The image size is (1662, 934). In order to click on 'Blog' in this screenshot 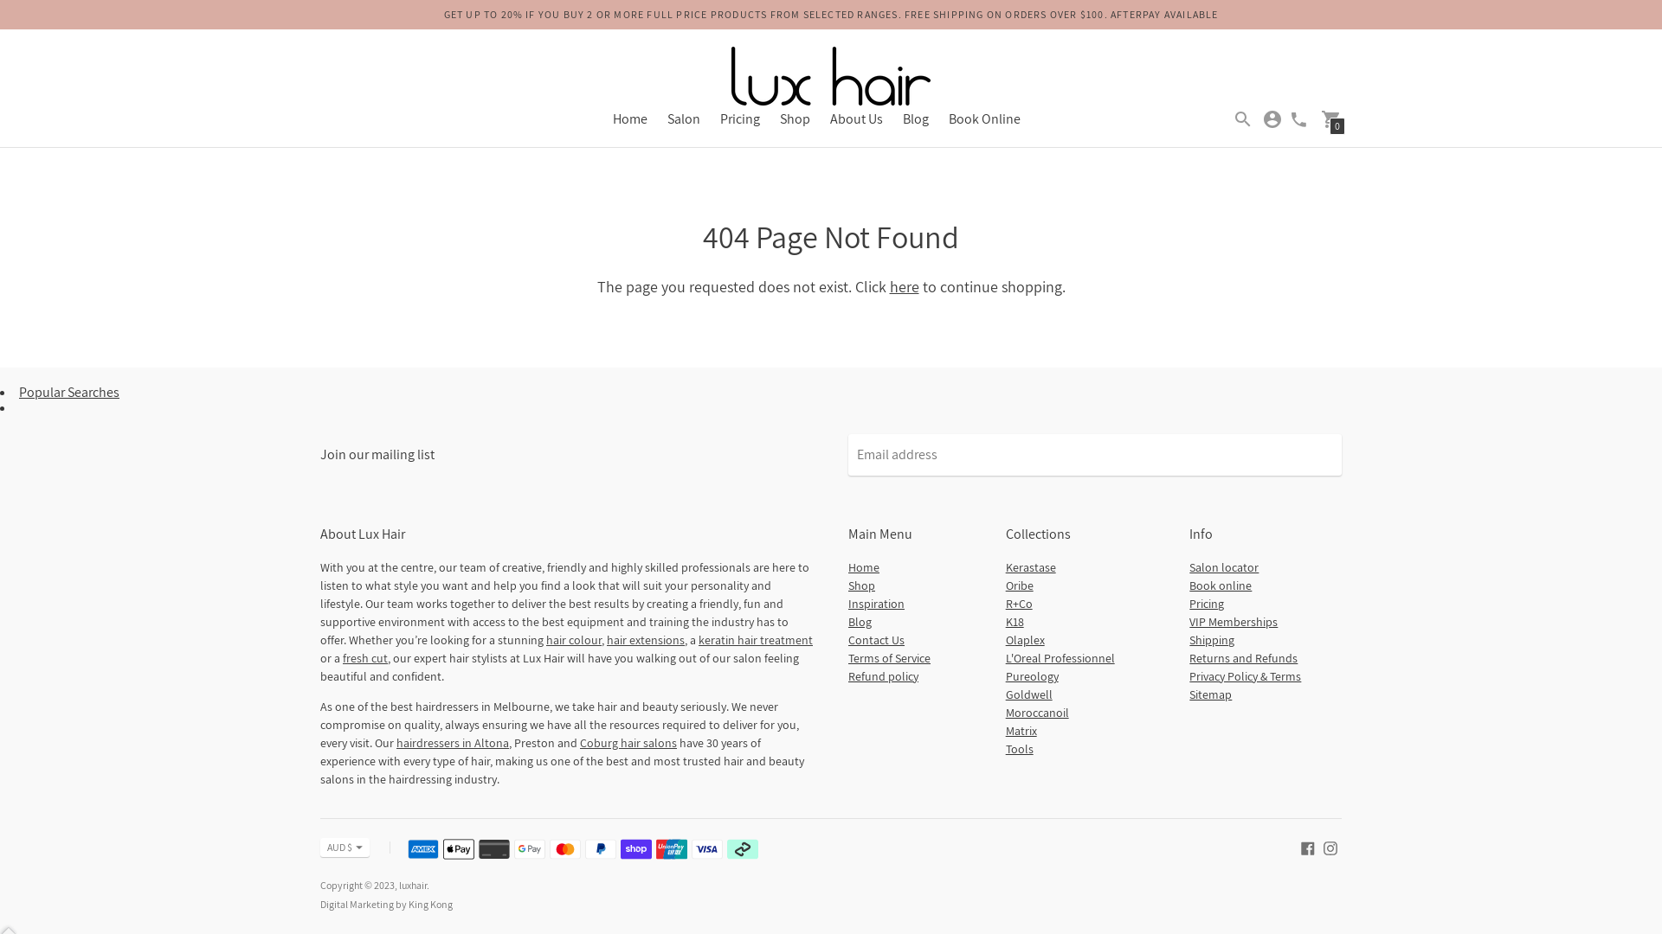, I will do `click(860, 620)`.